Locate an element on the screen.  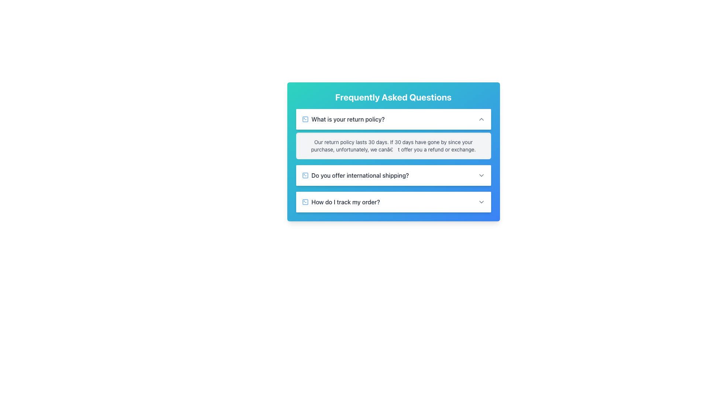
the terminal icon representing the FAQ item about the return policy by moving the cursor to its location is located at coordinates (305, 119).